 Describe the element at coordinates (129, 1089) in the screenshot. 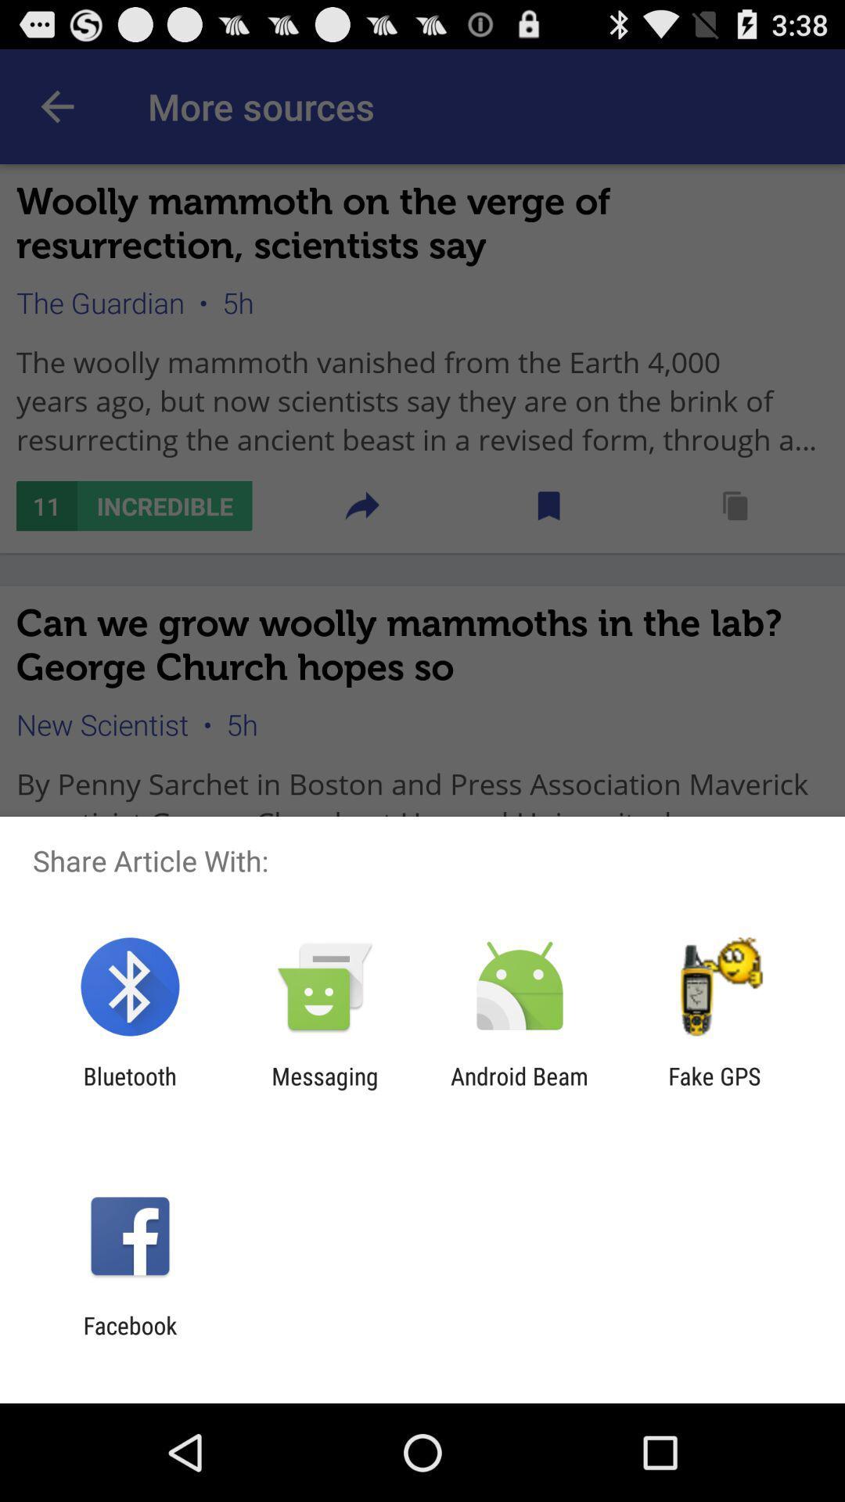

I see `the item next to the messaging icon` at that location.